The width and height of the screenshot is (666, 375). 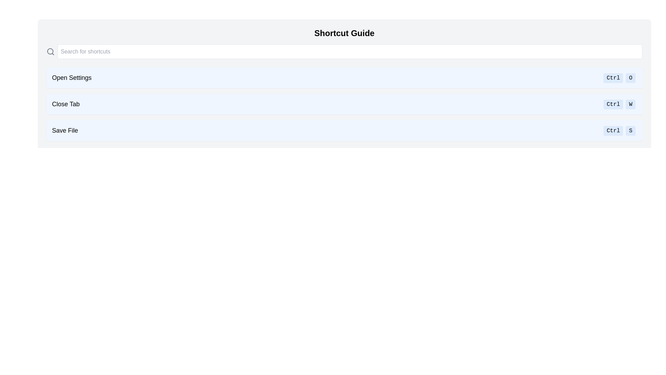 What do you see at coordinates (631, 78) in the screenshot?
I see `the 'O' key representation of the keyboard shortcut 'Ctrl+O', which is located on the right side of the 'Ctrl' button in the 'Open Settings' section` at bounding box center [631, 78].